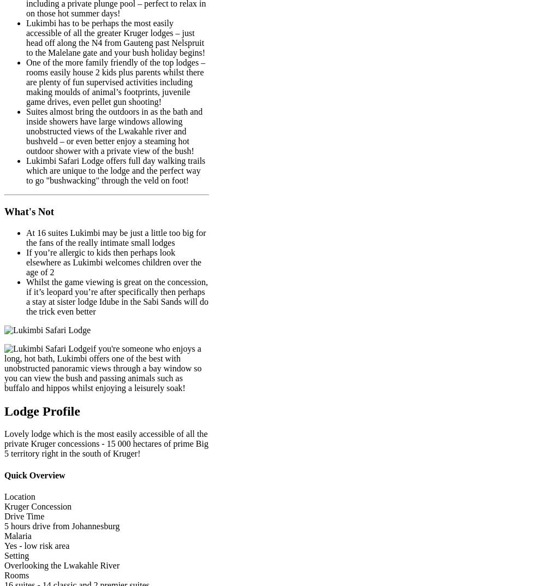 This screenshot has width=545, height=586. What do you see at coordinates (115, 81) in the screenshot?
I see `'One of the more family friendly of the top lodges – rooms easily house 2 kids plus parents whilst there are plenty of fun supervised activities including making moulds of animal’s footprints, juvenile game drives, even pellet gun shooting!'` at bounding box center [115, 81].